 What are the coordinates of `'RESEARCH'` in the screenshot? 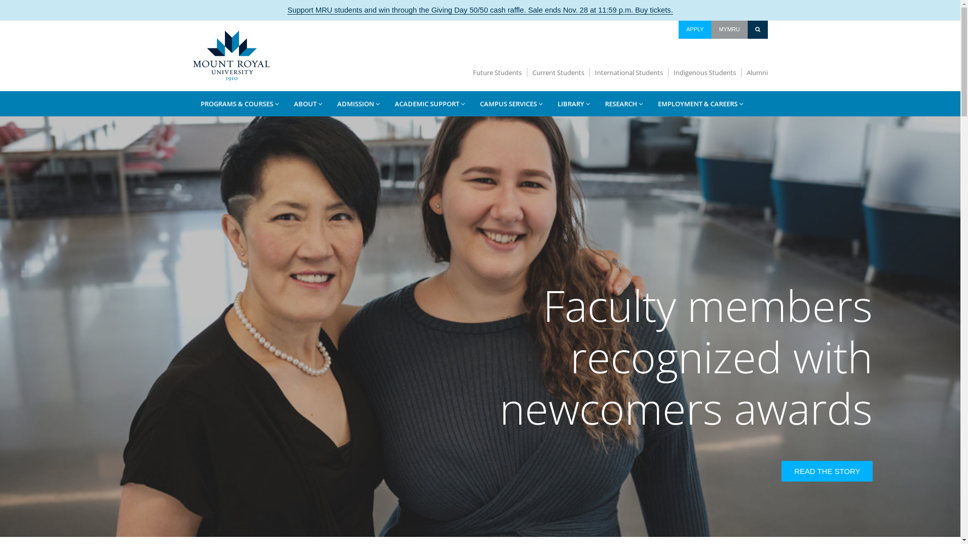 It's located at (623, 103).